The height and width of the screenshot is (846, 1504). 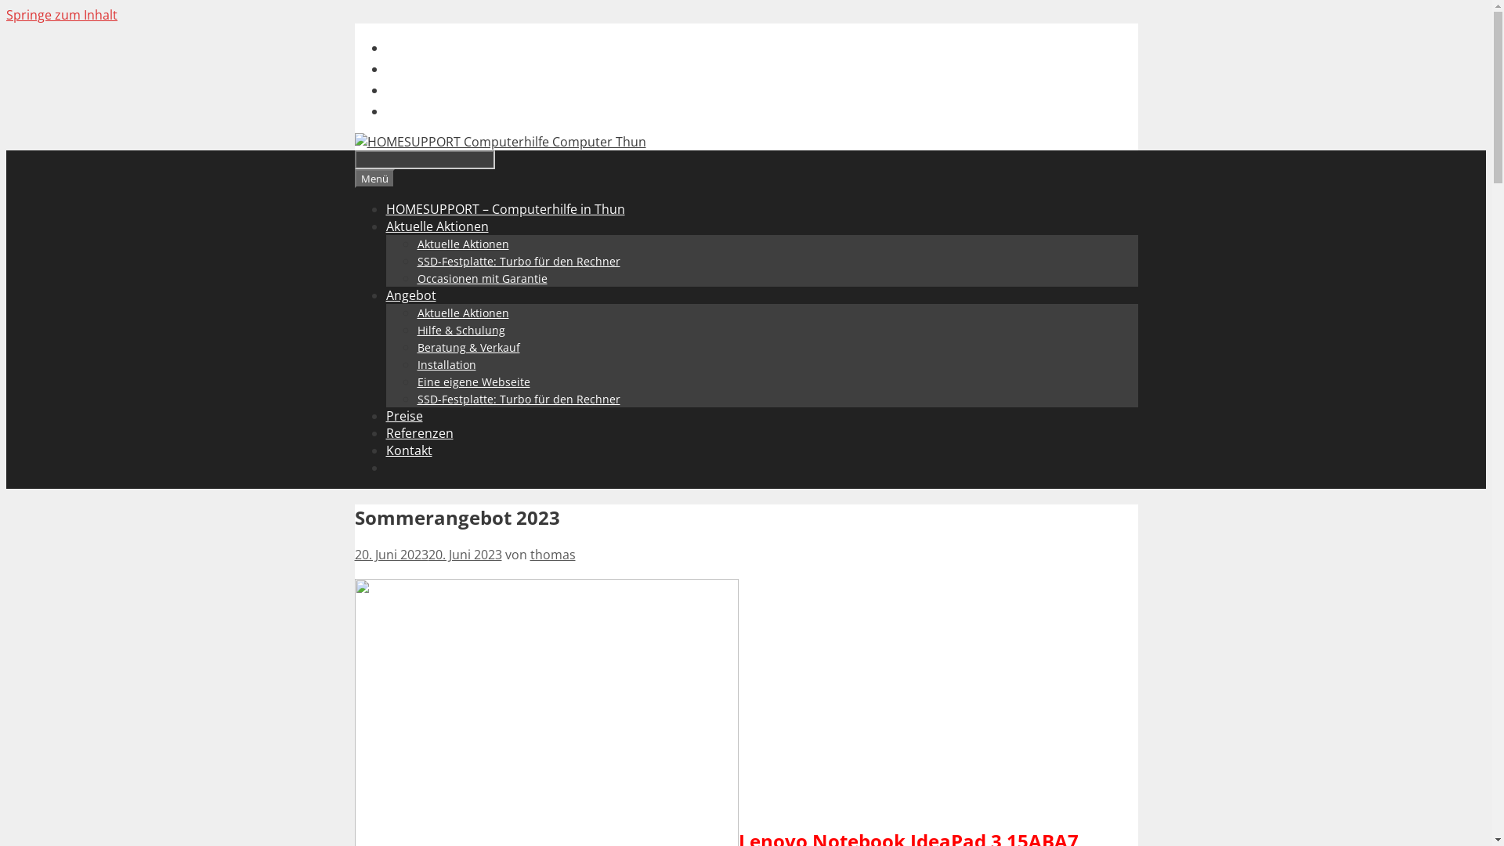 I want to click on 'Preise', so click(x=385, y=415).